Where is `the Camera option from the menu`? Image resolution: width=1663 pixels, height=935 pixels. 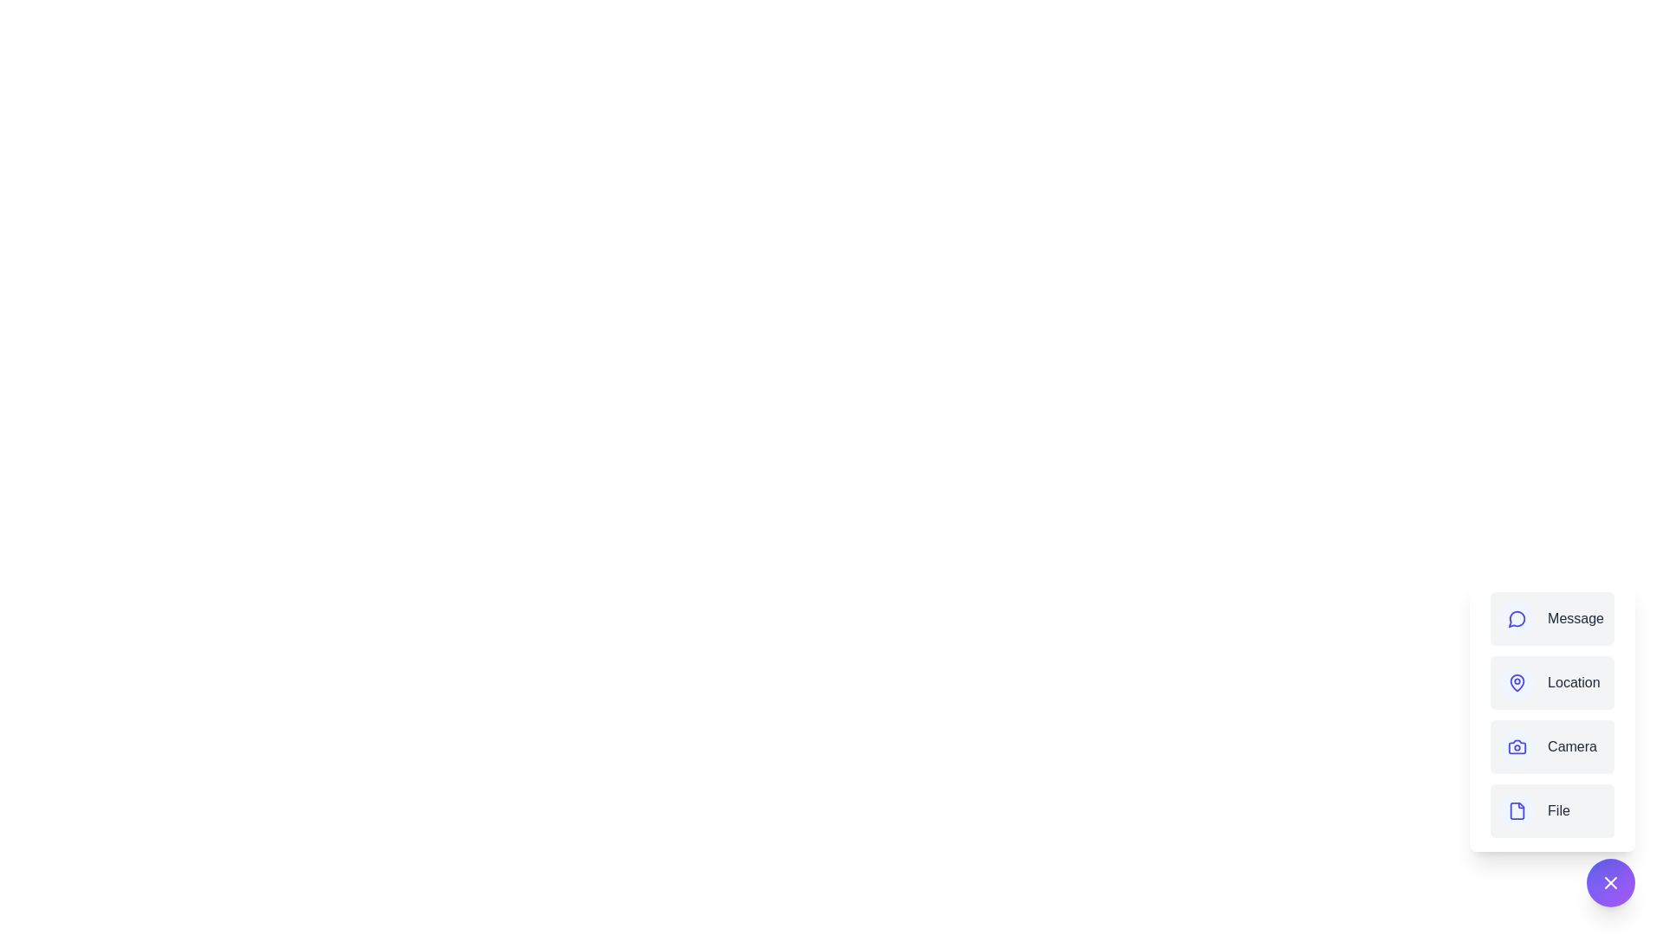
the Camera option from the menu is located at coordinates (1551, 746).